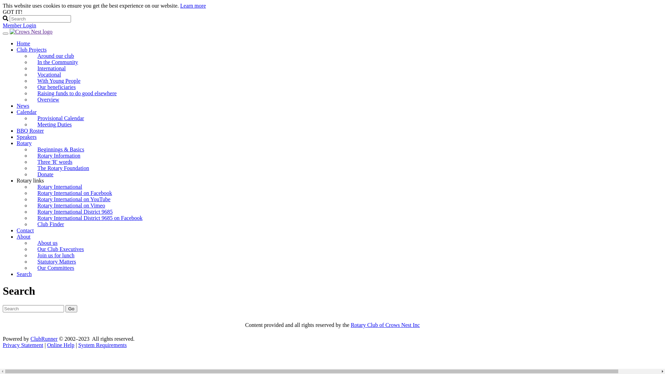 The image size is (665, 374). Describe the element at coordinates (193, 6) in the screenshot. I see `'Learn more'` at that location.